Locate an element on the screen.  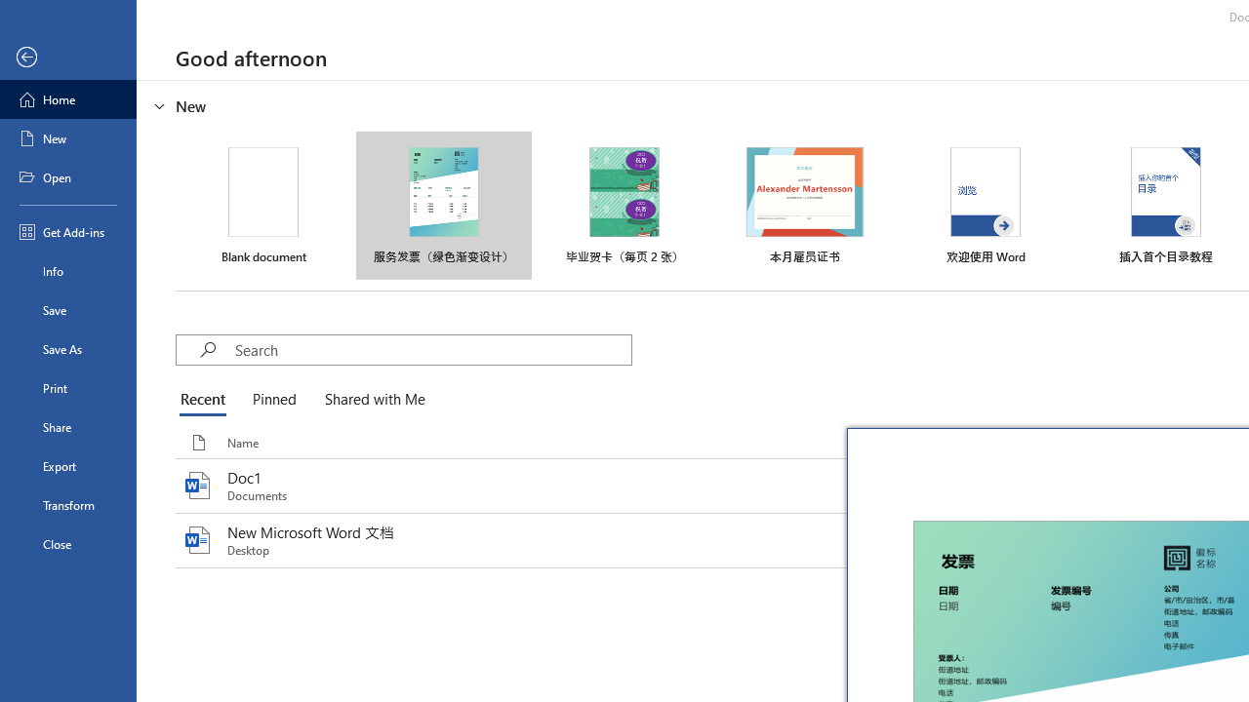
'Pinned' is located at coordinates (272, 400).